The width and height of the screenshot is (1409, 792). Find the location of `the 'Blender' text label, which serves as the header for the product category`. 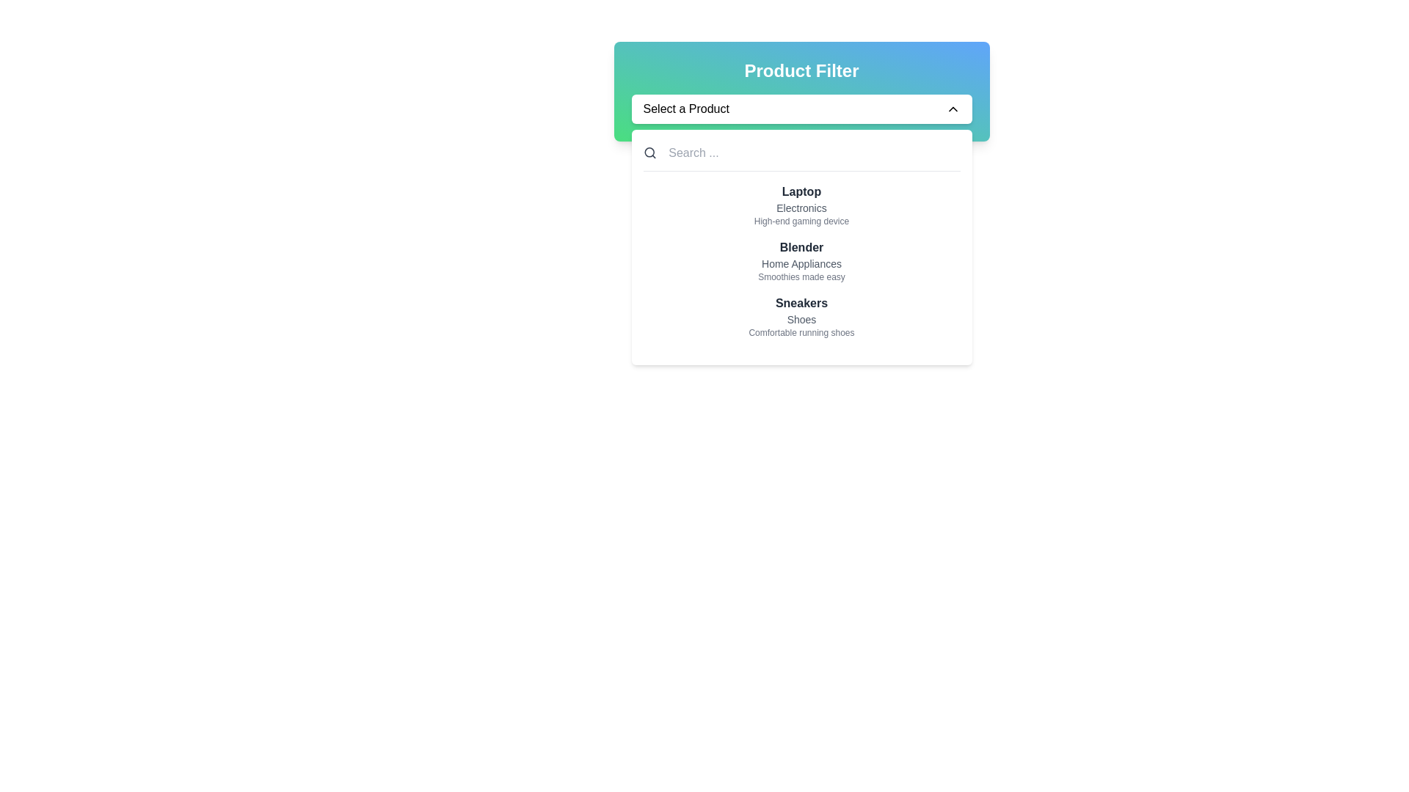

the 'Blender' text label, which serves as the header for the product category is located at coordinates (801, 247).